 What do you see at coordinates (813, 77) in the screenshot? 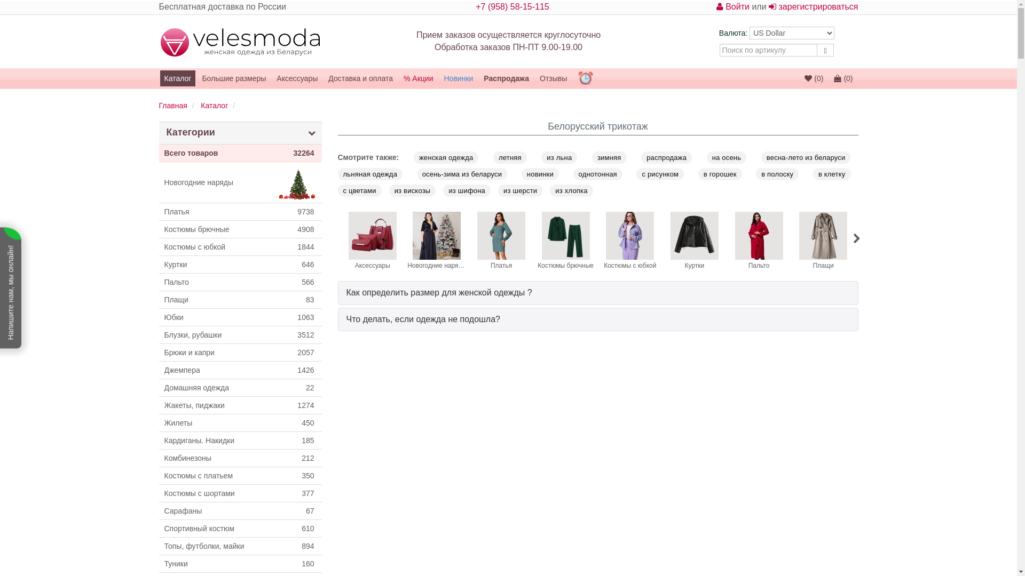
I see `'(0)'` at bounding box center [813, 77].